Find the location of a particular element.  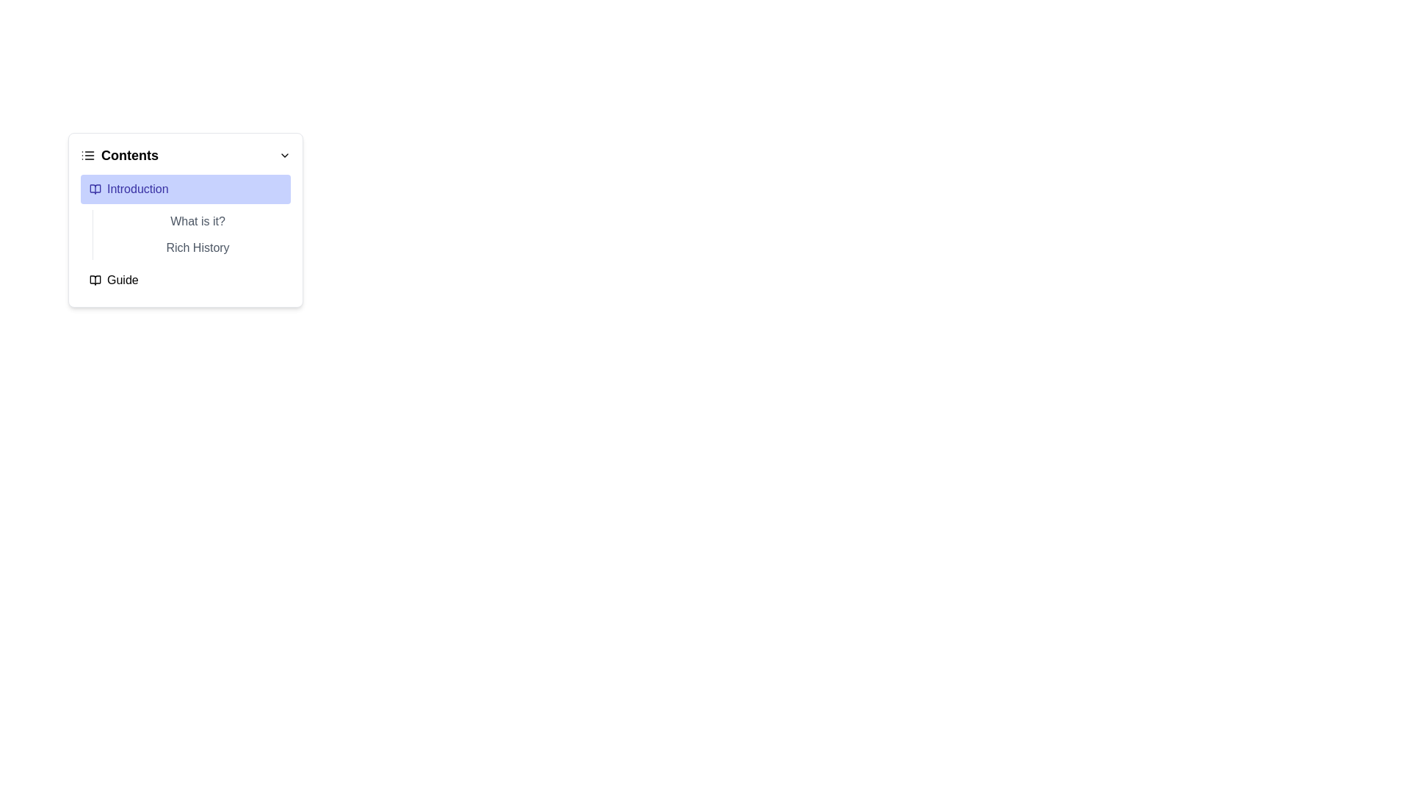

the hyperlink labeled 'What is it?' located beneath the 'Introduction' heading is located at coordinates (197, 221).